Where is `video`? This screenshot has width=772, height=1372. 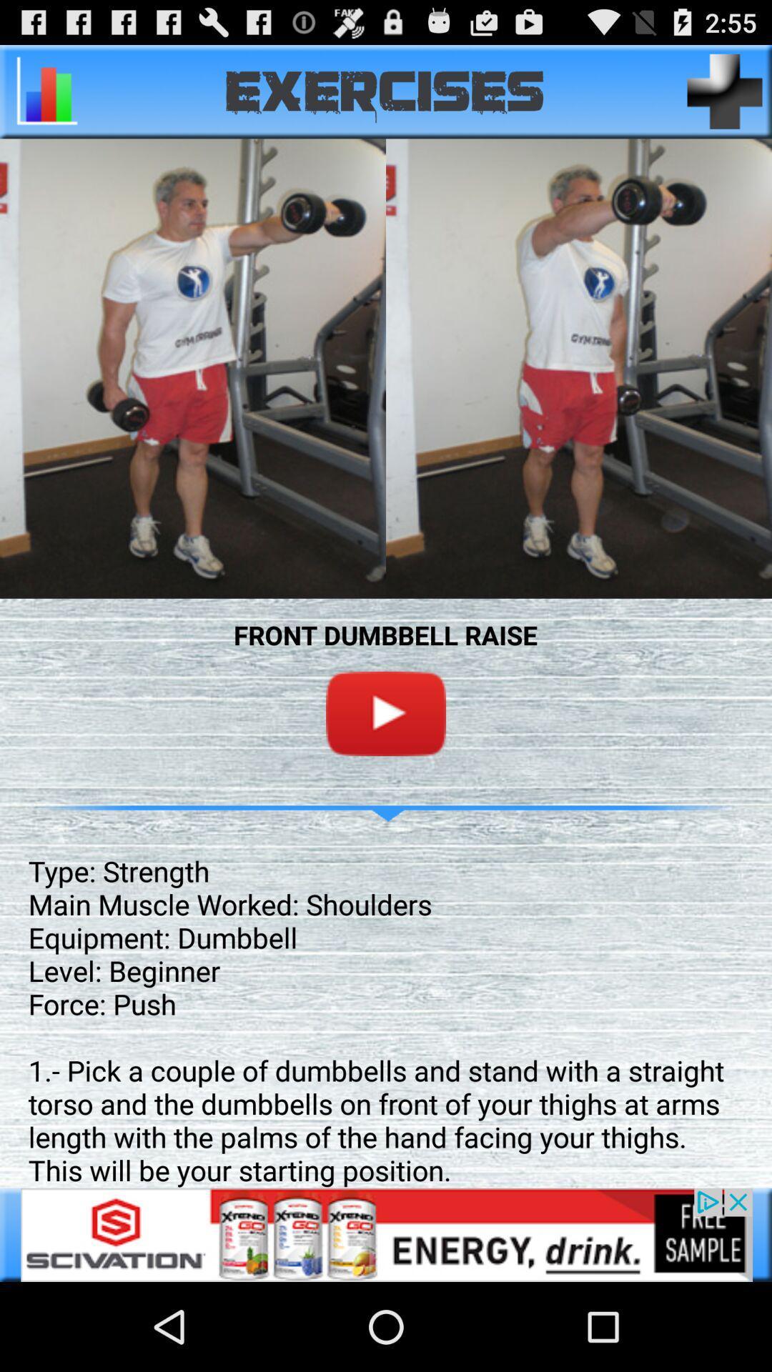
video is located at coordinates (386, 713).